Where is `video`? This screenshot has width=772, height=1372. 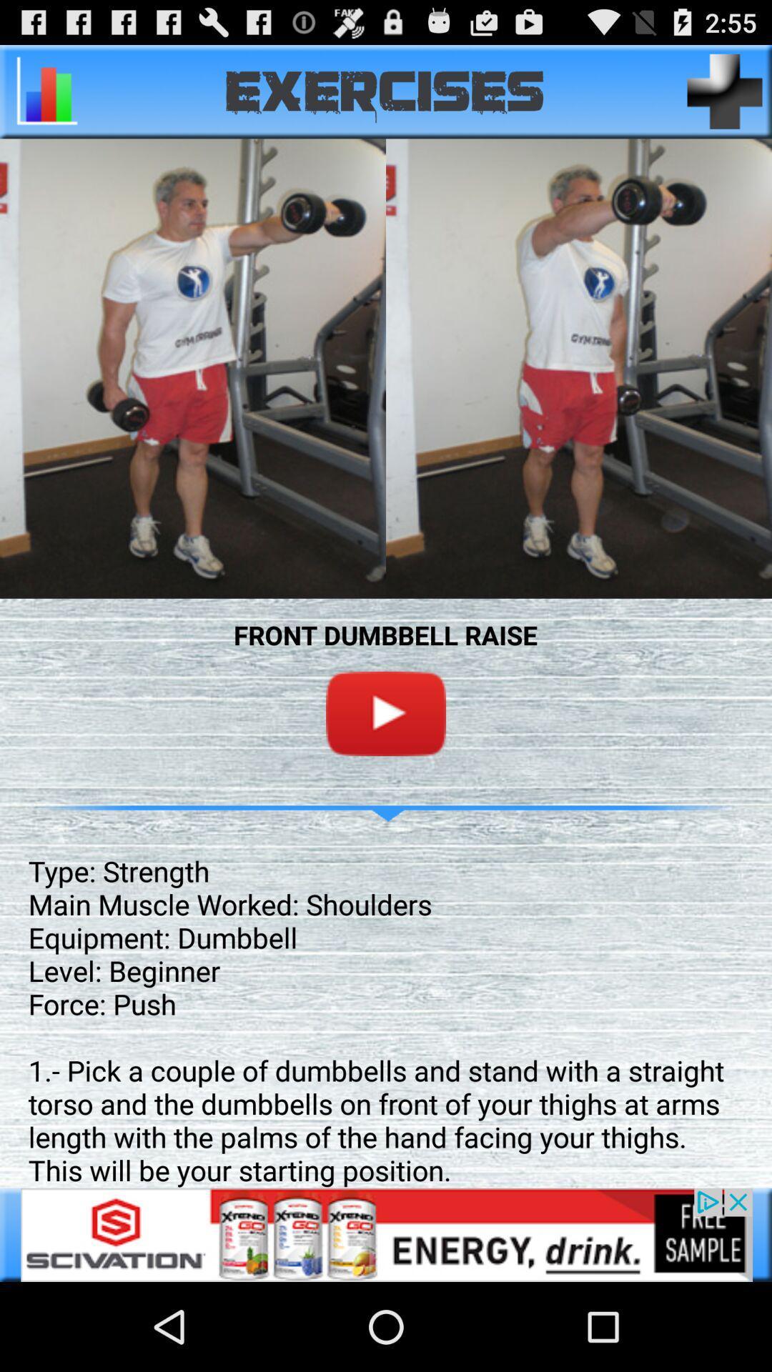
video is located at coordinates (386, 713).